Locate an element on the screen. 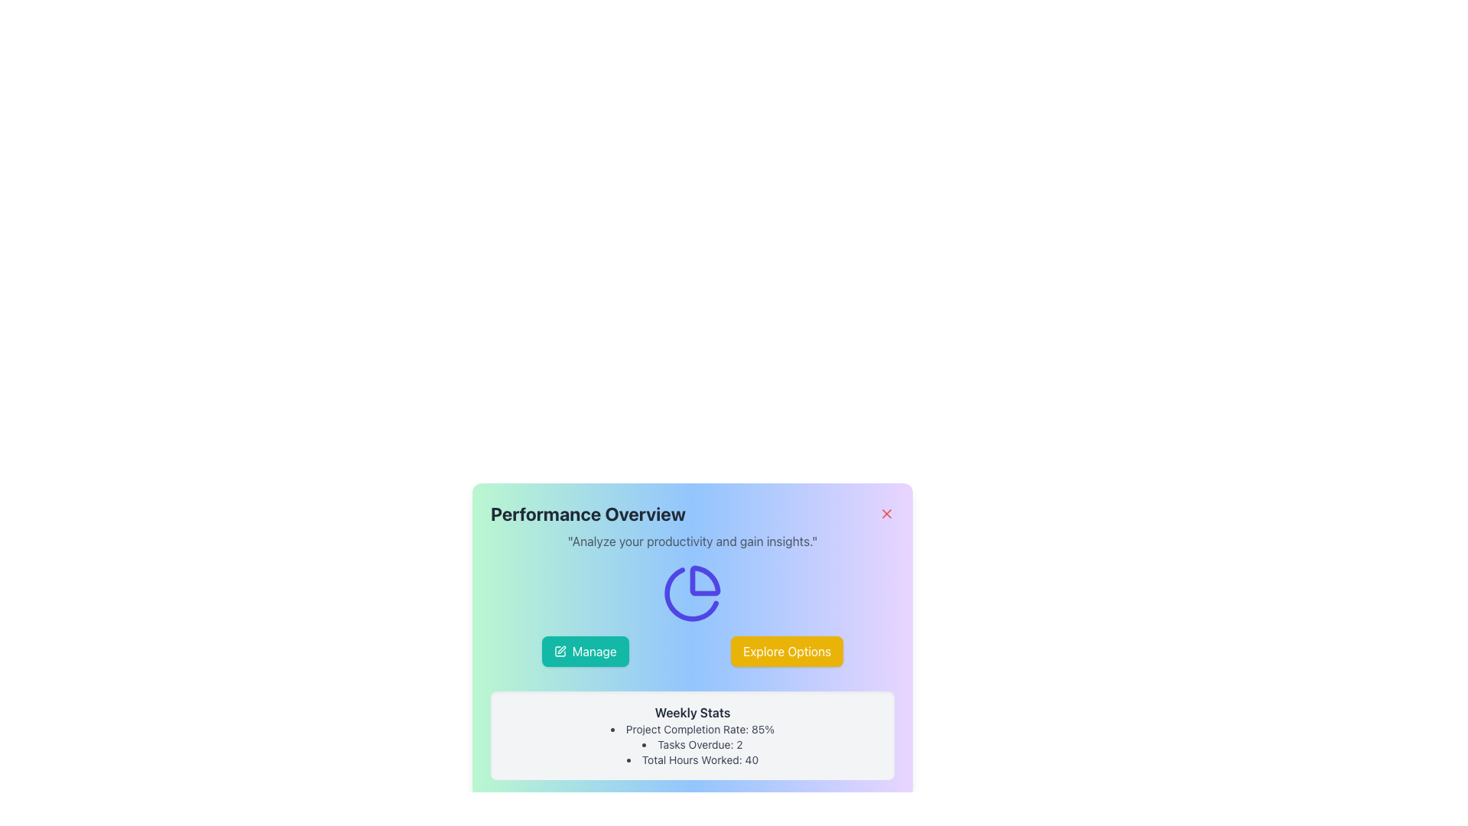 This screenshot has width=1468, height=826. informational text displaying the count of overdue tasks, which is the second item in the vertical bulleted list under 'Weekly Stats' in the 'Performance Overview' card is located at coordinates (692, 744).